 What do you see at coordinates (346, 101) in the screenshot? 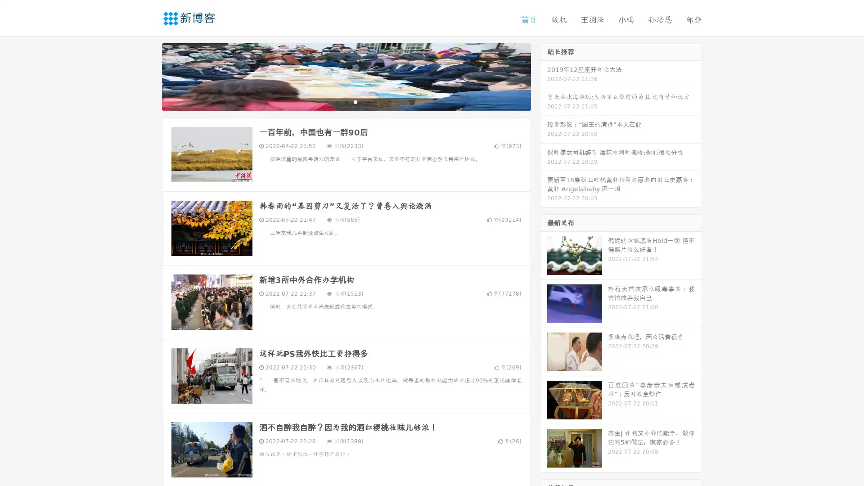
I see `Go to slide 2` at bounding box center [346, 101].